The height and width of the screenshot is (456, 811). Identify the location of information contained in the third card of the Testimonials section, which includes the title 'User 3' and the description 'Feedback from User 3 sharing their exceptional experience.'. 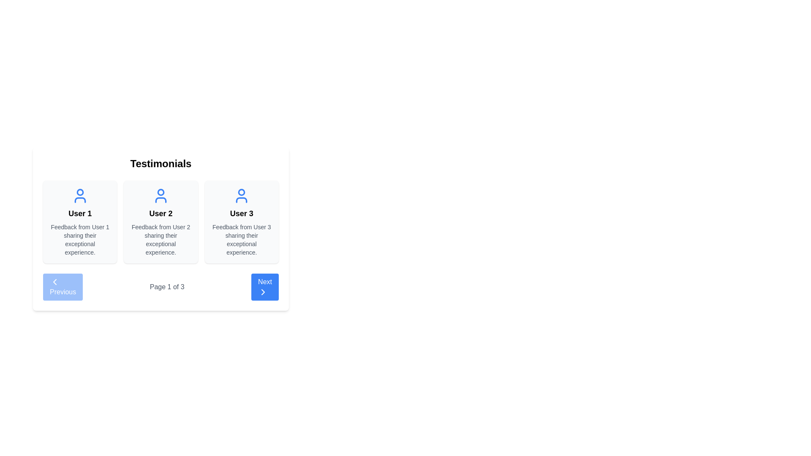
(241, 221).